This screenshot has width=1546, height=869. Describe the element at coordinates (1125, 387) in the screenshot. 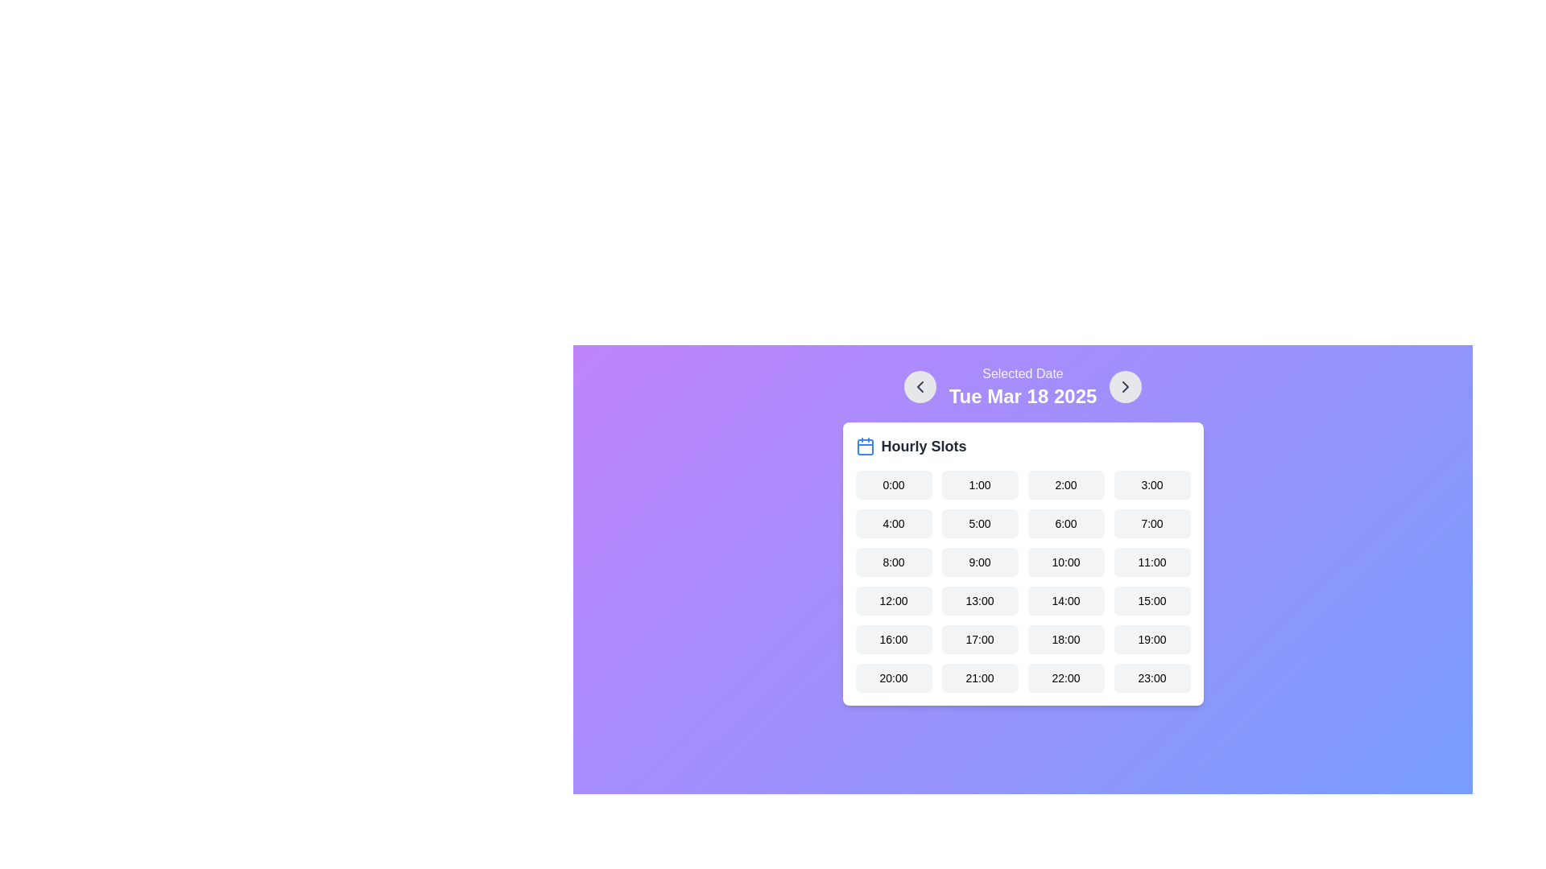

I see `the right navigation chevron icon located in the upper section of the interface adjacent to the date label` at that location.